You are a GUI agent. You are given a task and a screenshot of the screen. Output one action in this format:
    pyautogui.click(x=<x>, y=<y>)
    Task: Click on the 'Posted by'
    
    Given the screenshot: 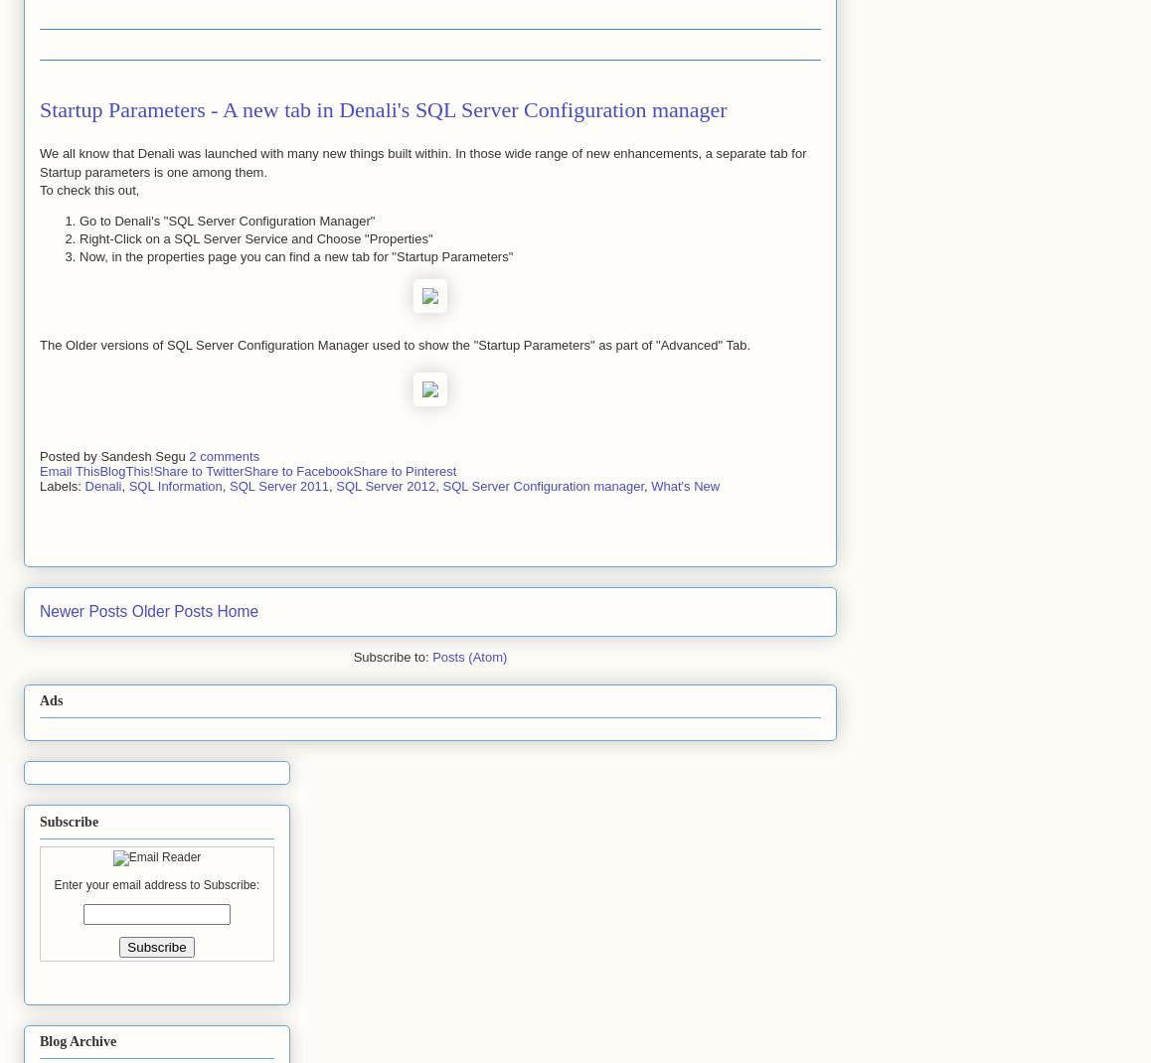 What is the action you would take?
    pyautogui.click(x=70, y=456)
    